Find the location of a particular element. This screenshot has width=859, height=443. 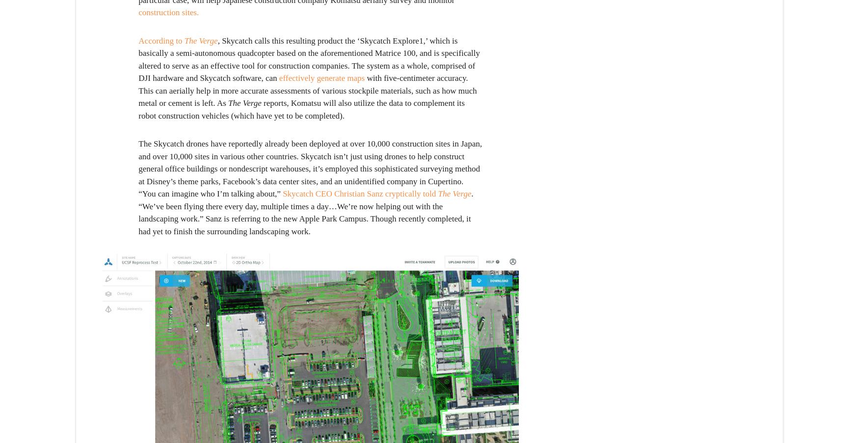

'with five-centimeter accuracy. This can aerially help in more accurate assessments of various stockpile materials, such as how much metal or cement is left. As' is located at coordinates (307, 90).